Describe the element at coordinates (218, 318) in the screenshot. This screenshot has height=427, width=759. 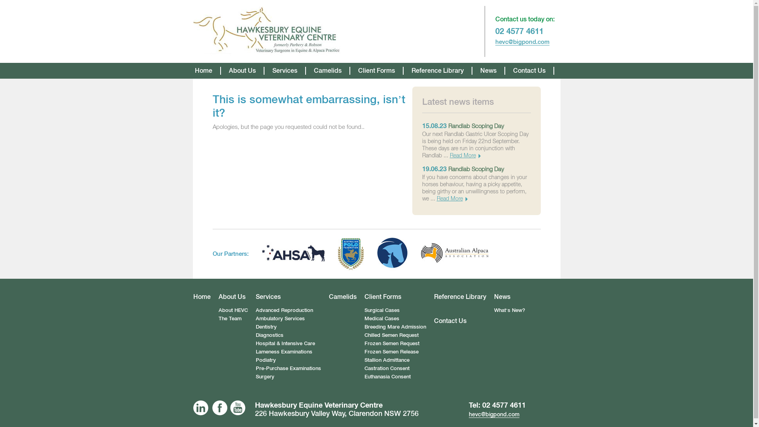
I see `'The Team'` at that location.